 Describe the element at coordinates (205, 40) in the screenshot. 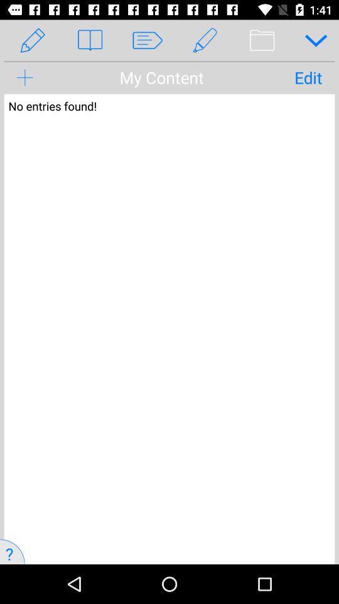

I see `the image left of file manger icon` at that location.